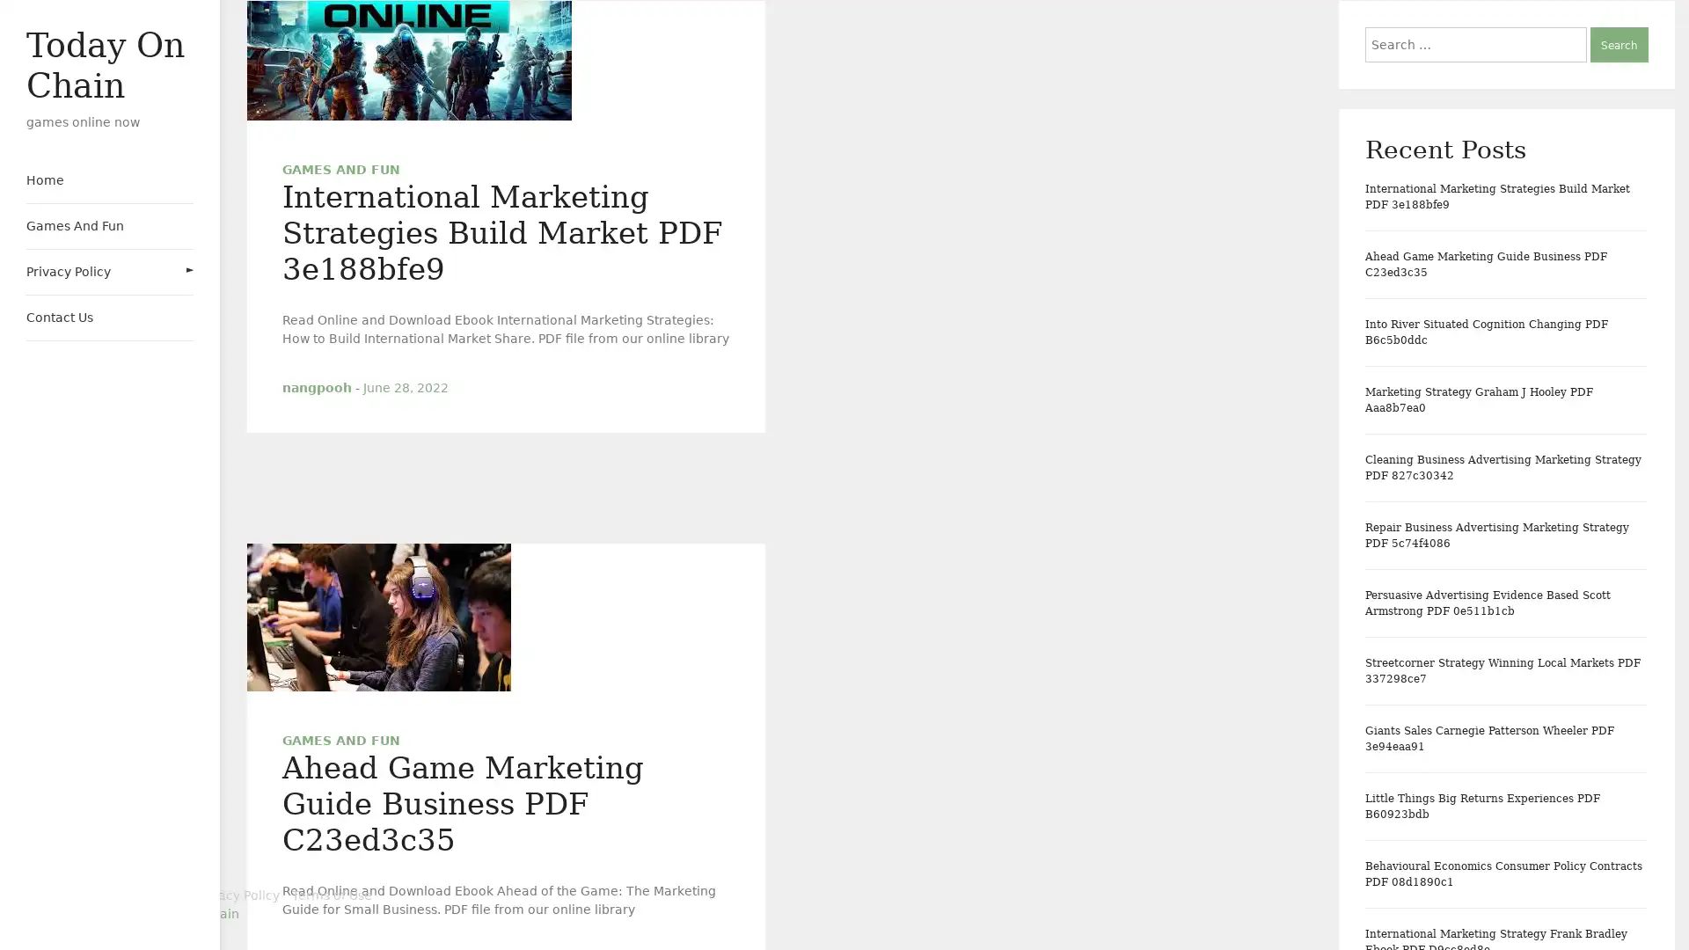 The width and height of the screenshot is (1689, 950). Describe the element at coordinates (1619, 43) in the screenshot. I see `Search` at that location.